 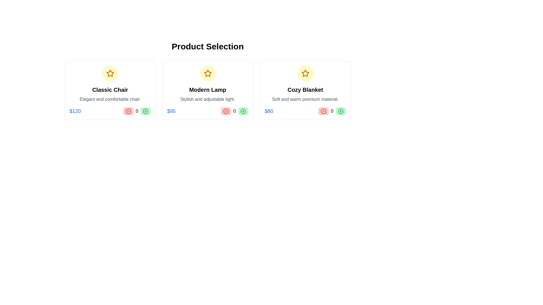 I want to click on displayed text in the Text Label that shows the current quantity for the 'Classic Chair' product, located at the center of the control group at the bottom of the product card, so click(x=137, y=111).